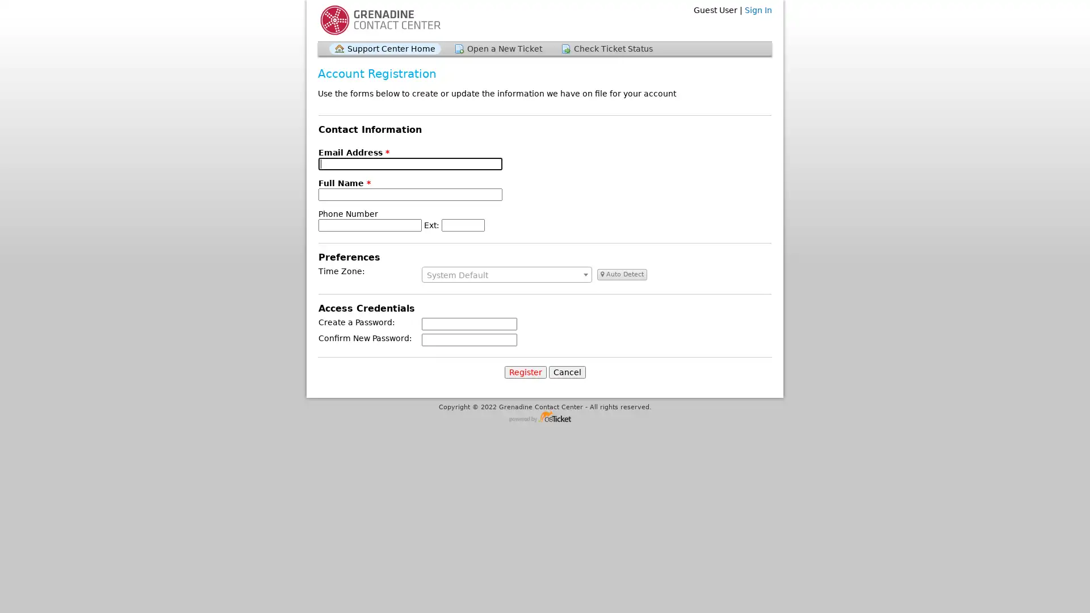  What do you see at coordinates (567, 372) in the screenshot?
I see `Cancel` at bounding box center [567, 372].